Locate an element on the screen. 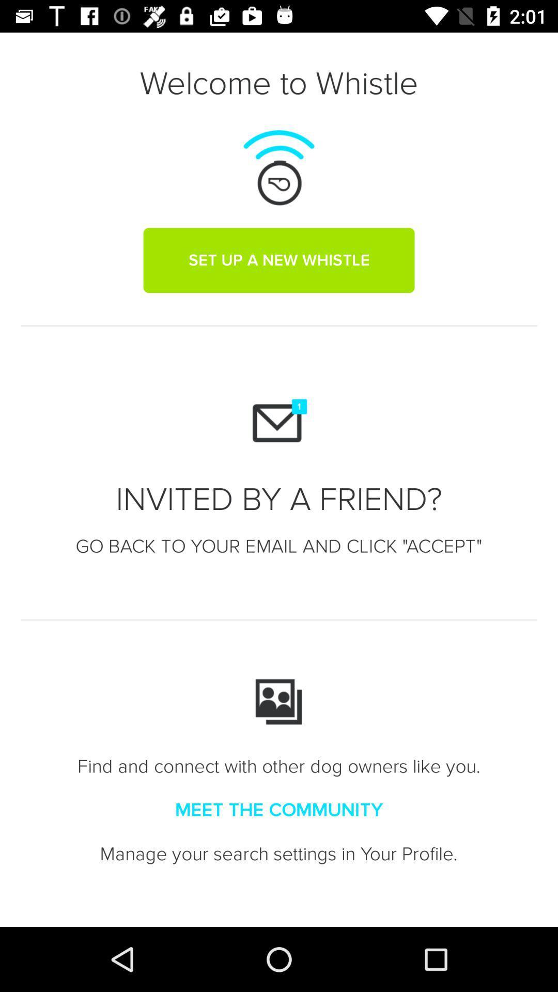  the set up a item is located at coordinates (279, 260).